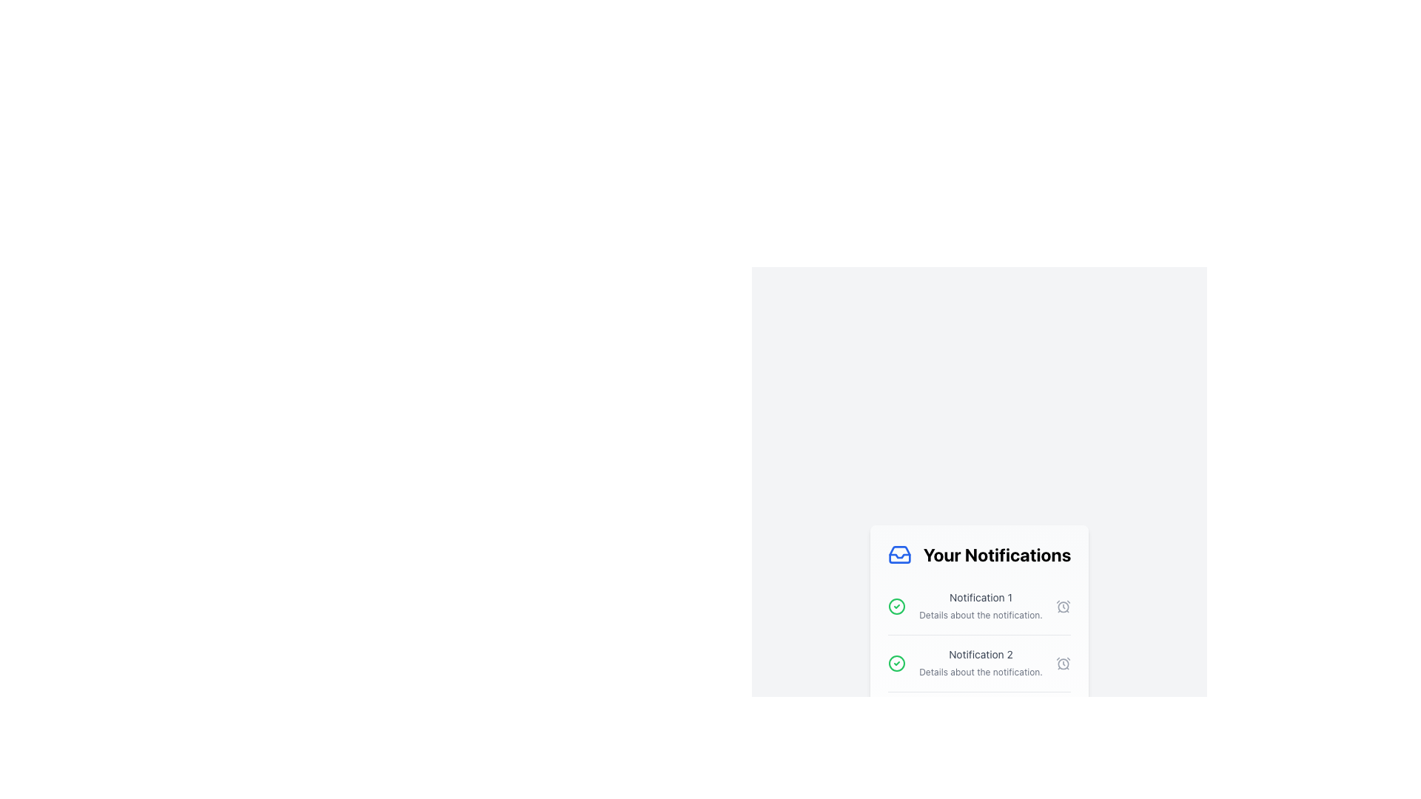  What do you see at coordinates (1063, 607) in the screenshot?
I see `the status or action indicator icon located to the right of the 'Notification 1' section in the list of notifications` at bounding box center [1063, 607].